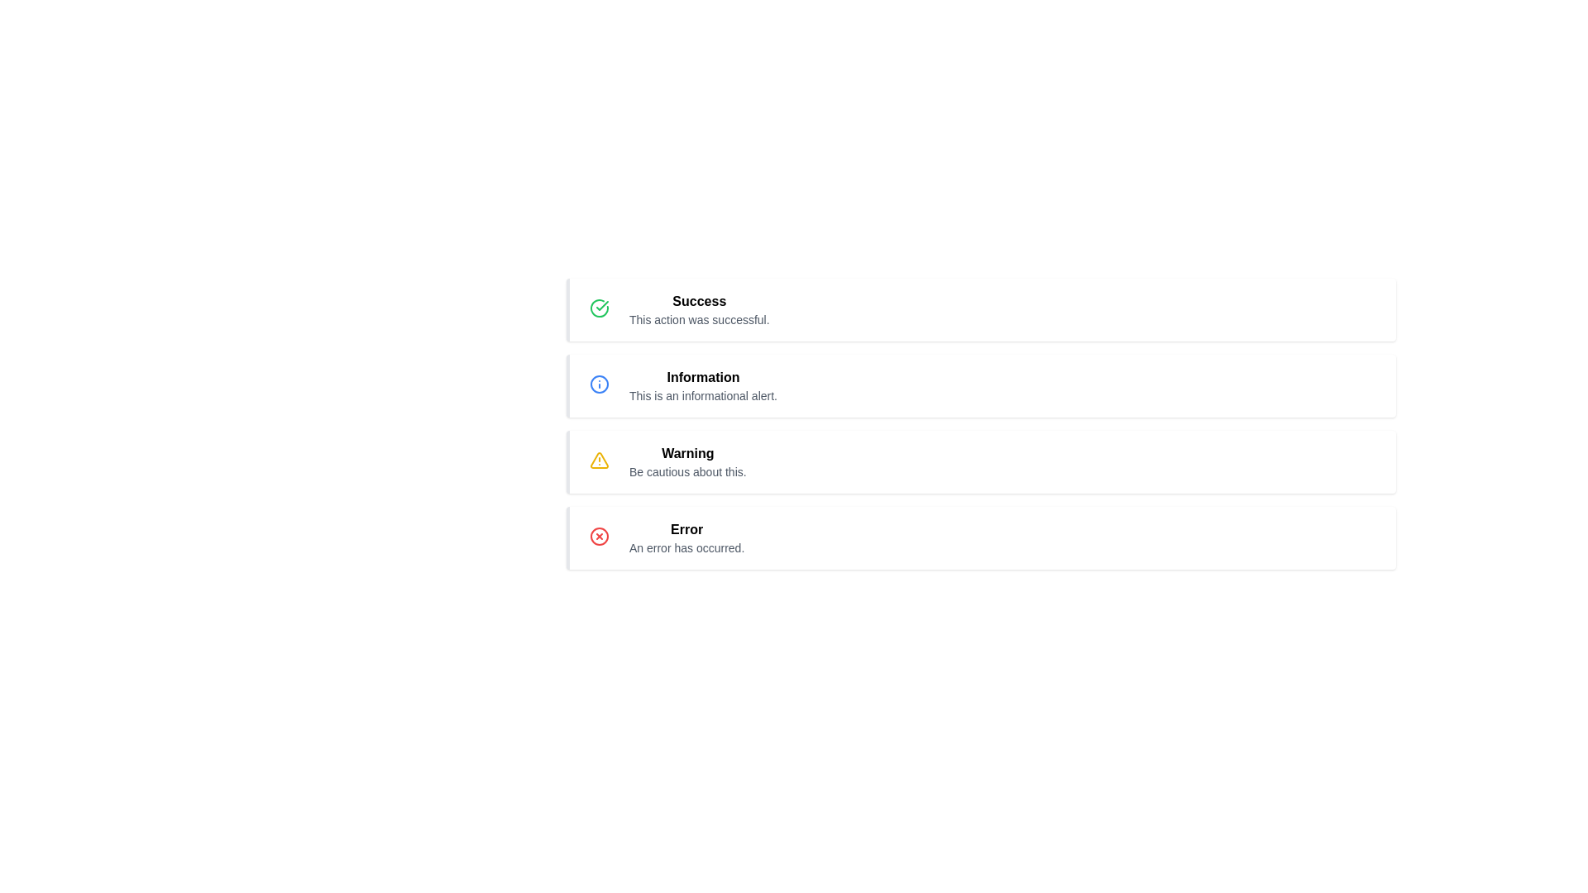 This screenshot has height=893, width=1588. I want to click on the Alert Box, which is the first item in a vertically stacked list of notifications indicating a successful action completion, so click(981, 309).